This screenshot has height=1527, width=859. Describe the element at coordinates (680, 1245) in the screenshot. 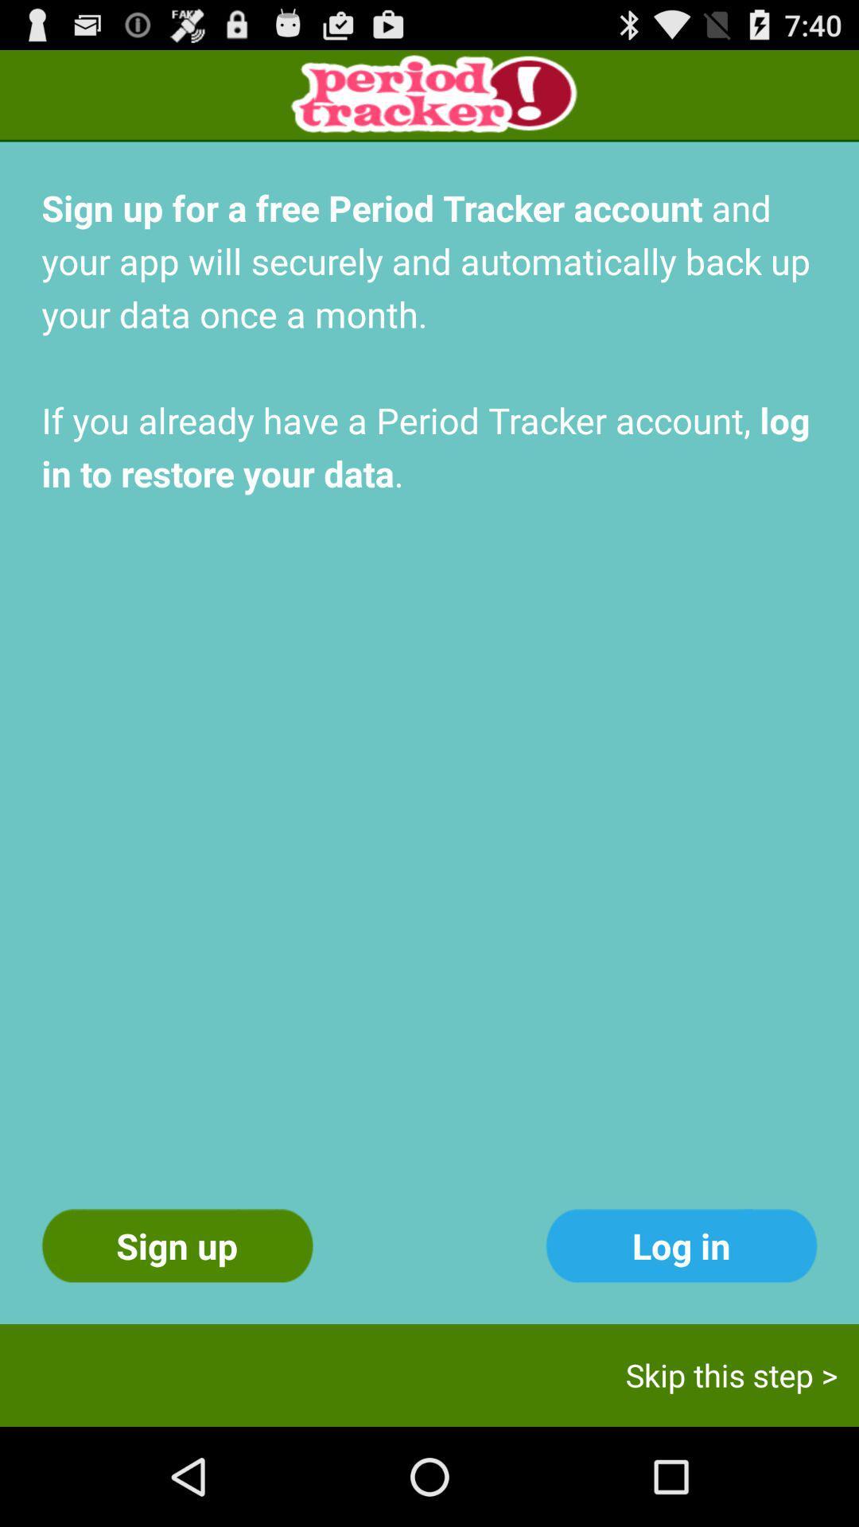

I see `item below the sign up for icon` at that location.